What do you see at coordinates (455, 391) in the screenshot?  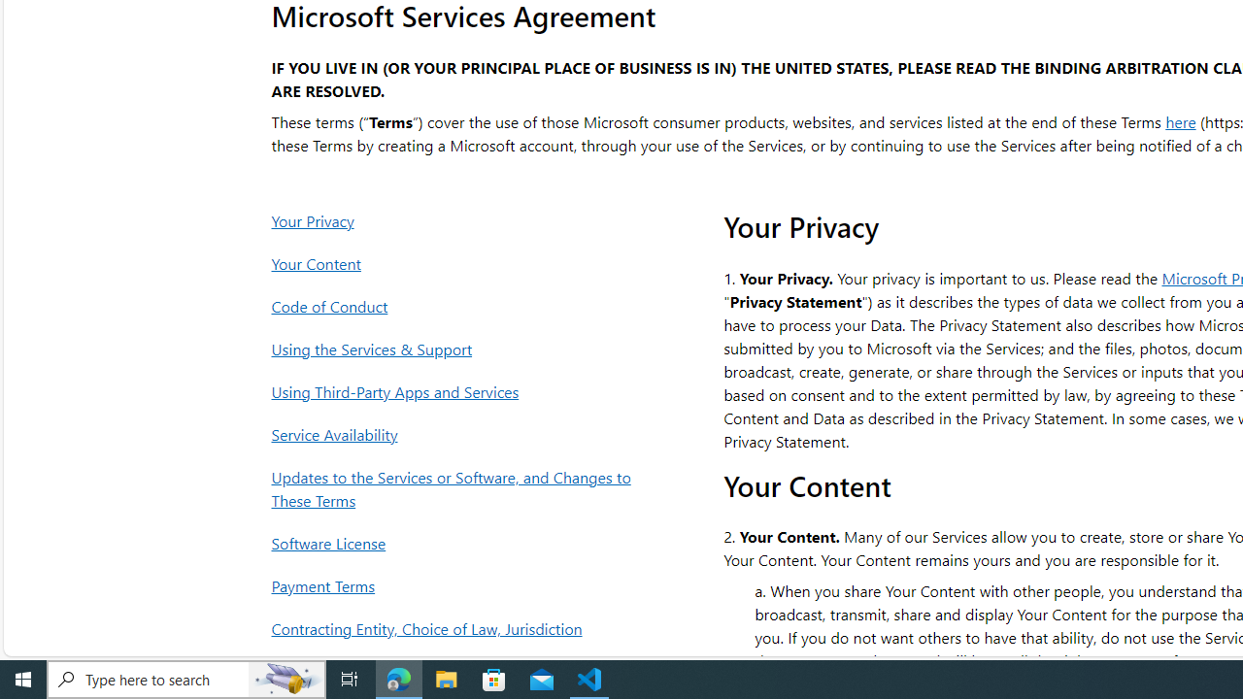 I see `'Using Third-Party Apps and Services'` at bounding box center [455, 391].